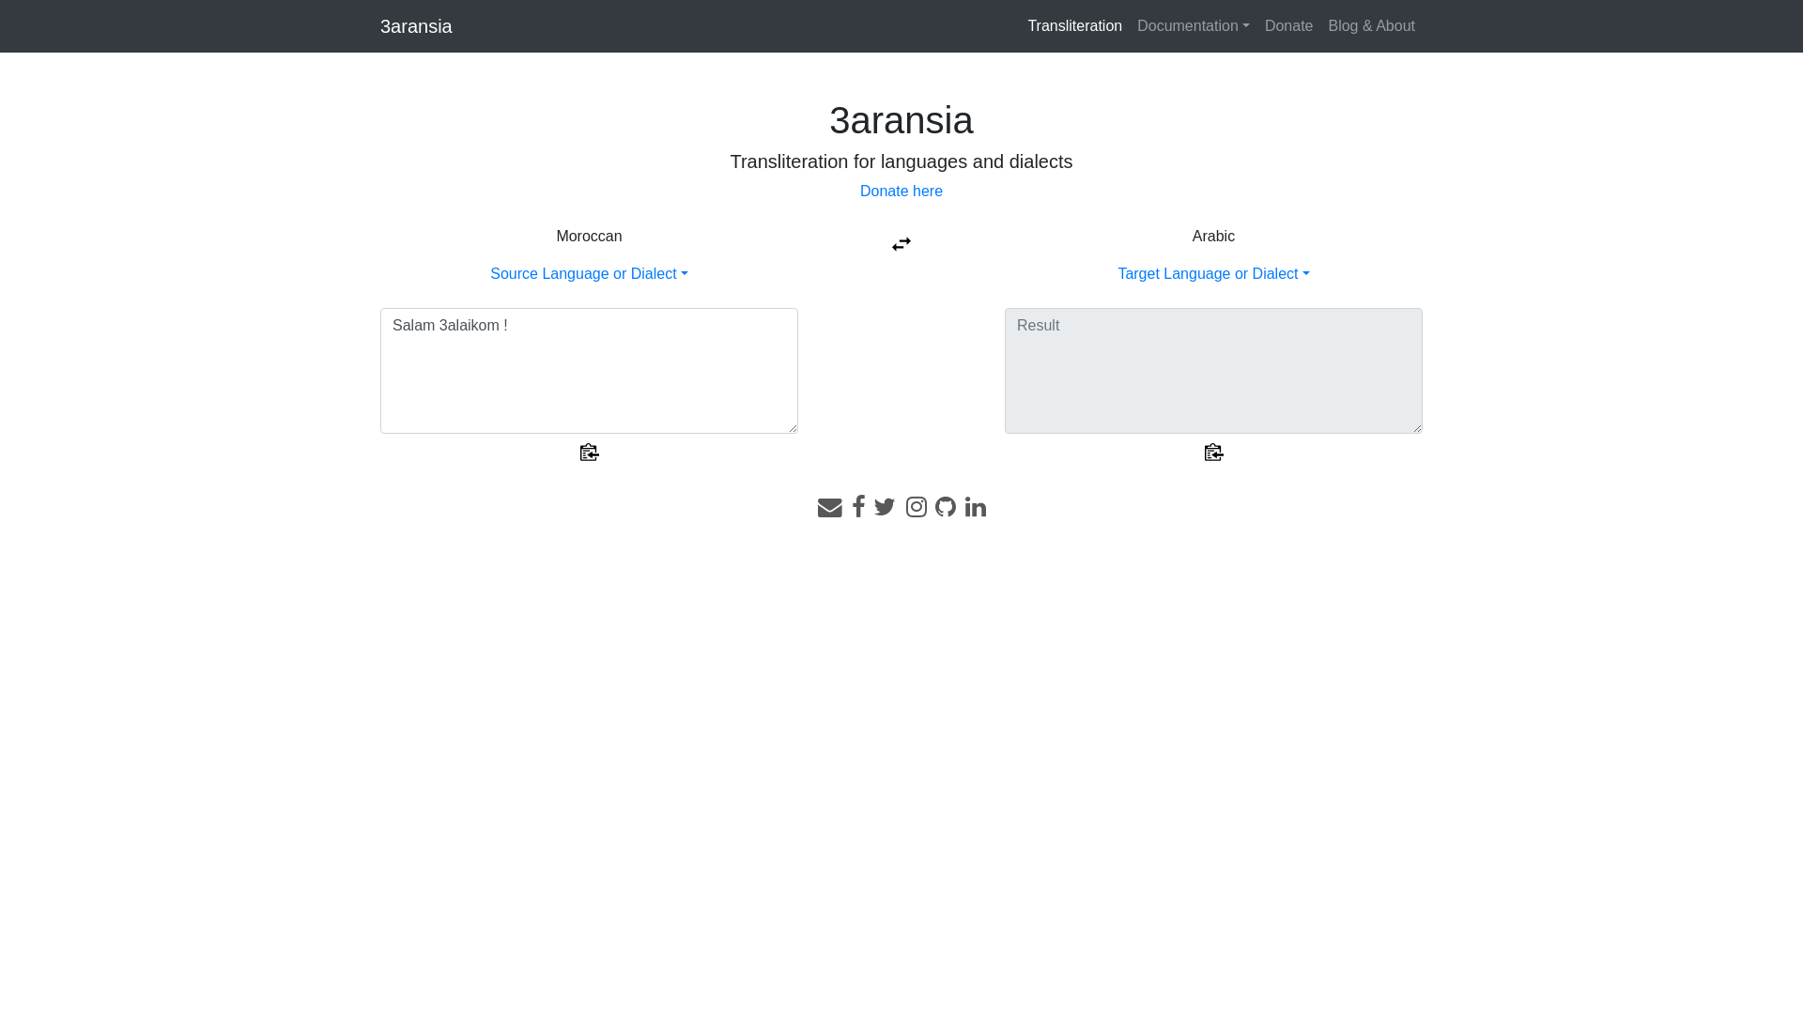  Describe the element at coordinates (901, 191) in the screenshot. I see `'Donate here'` at that location.